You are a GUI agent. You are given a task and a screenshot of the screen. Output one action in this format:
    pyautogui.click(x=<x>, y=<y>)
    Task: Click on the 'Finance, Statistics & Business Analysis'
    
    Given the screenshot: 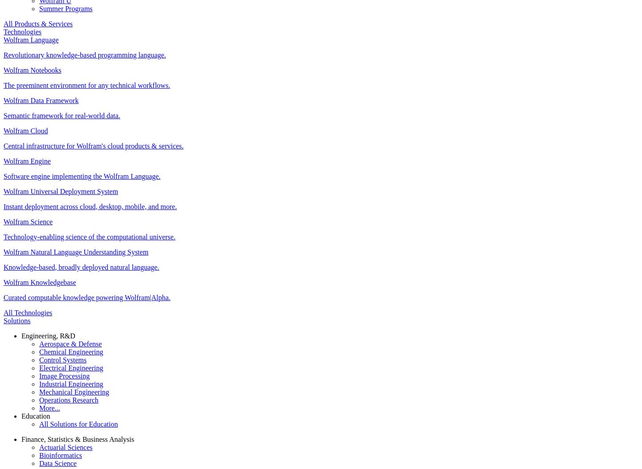 What is the action you would take?
    pyautogui.click(x=77, y=439)
    